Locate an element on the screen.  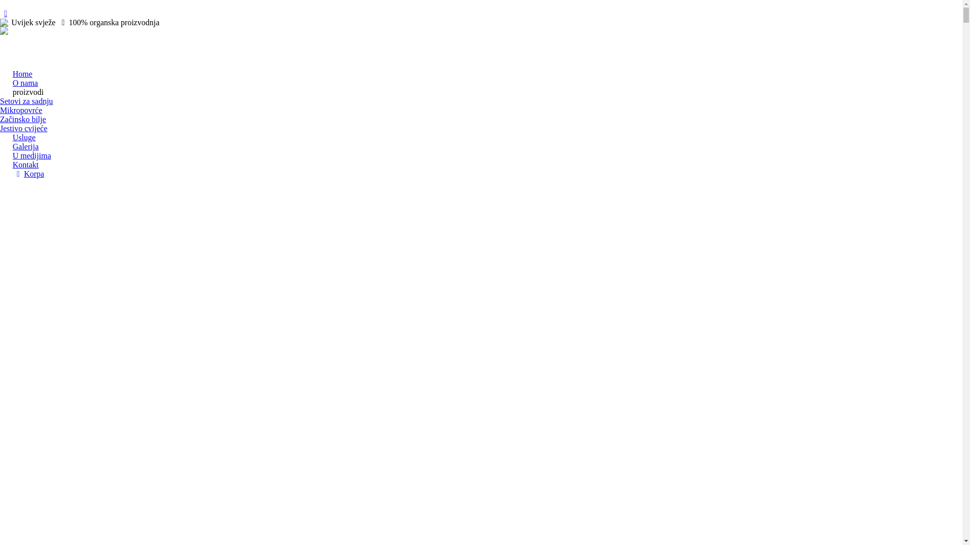
'Home' is located at coordinates (22, 73).